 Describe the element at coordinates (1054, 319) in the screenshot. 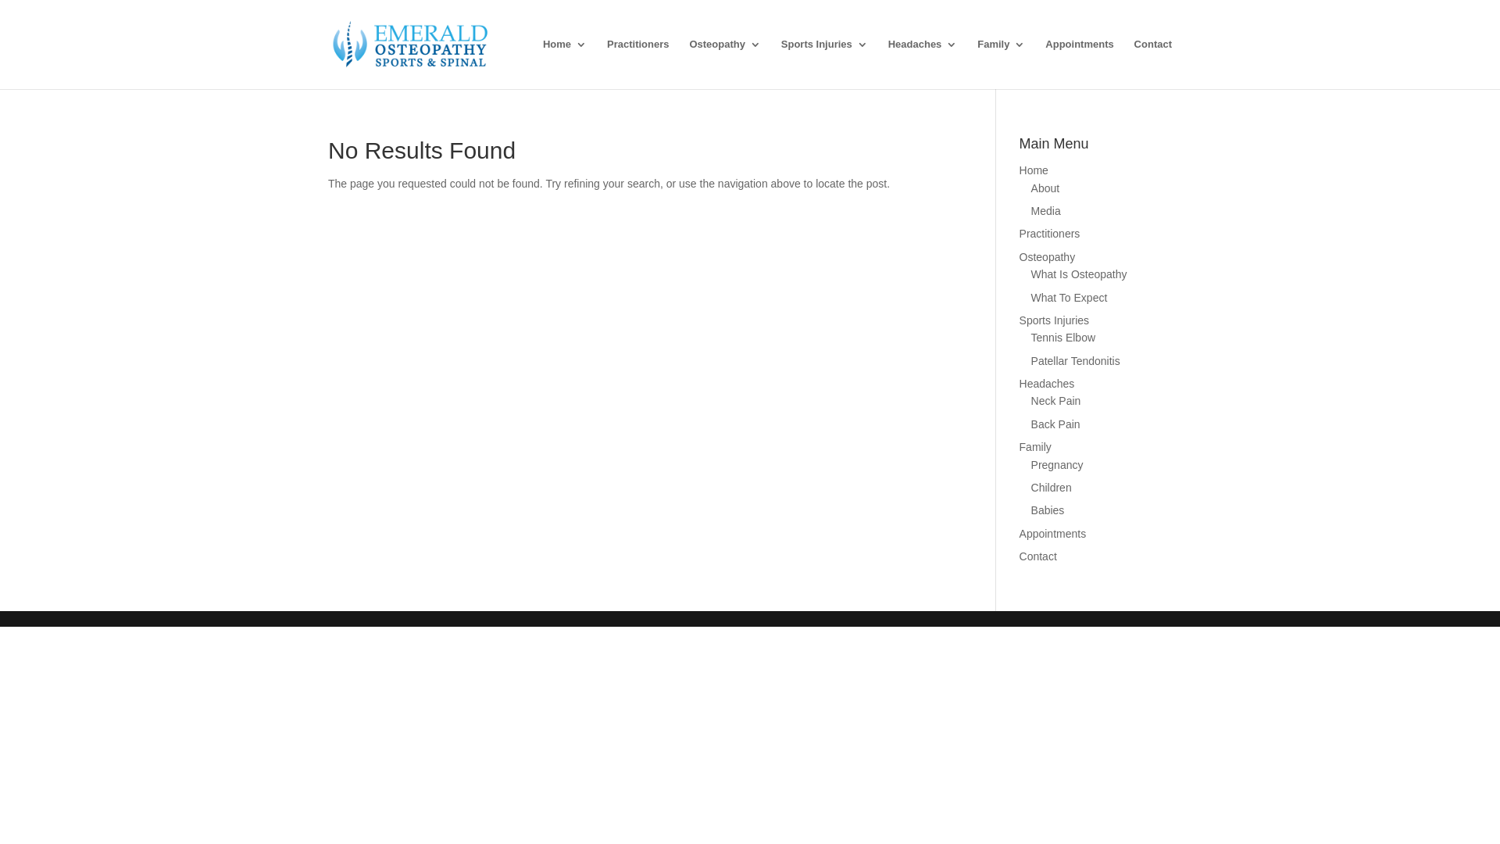

I see `'Sports Injuries'` at that location.